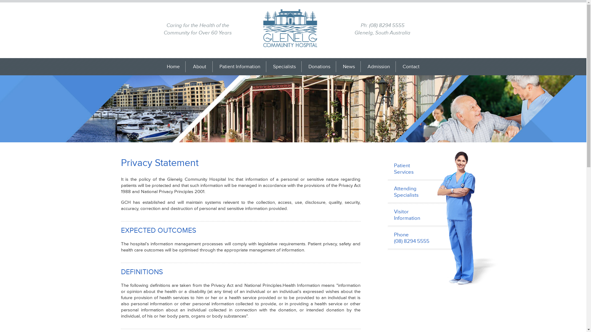 The height and width of the screenshot is (332, 591). Describe the element at coordinates (290, 28) in the screenshot. I see `'Glenelg Community Hospital'` at that location.